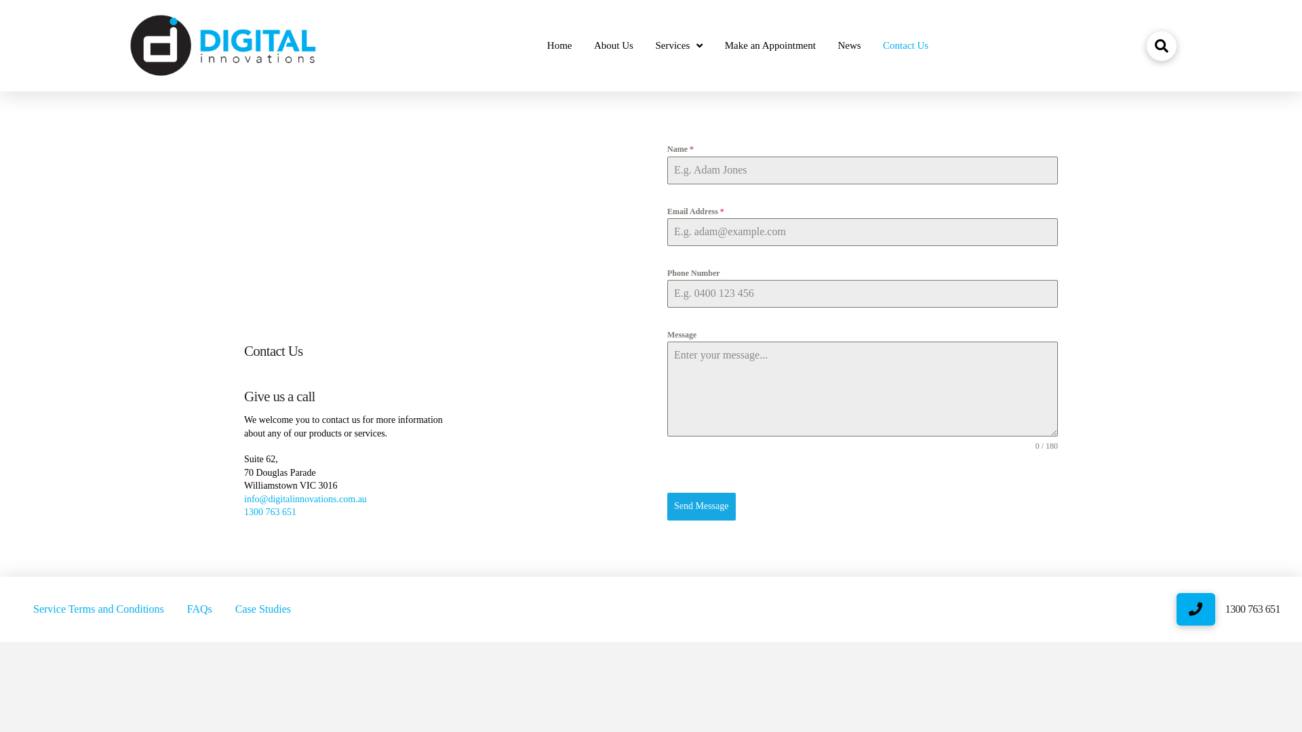 Image resolution: width=1302 pixels, height=732 pixels. What do you see at coordinates (770, 45) in the screenshot?
I see `'Make an Appointment'` at bounding box center [770, 45].